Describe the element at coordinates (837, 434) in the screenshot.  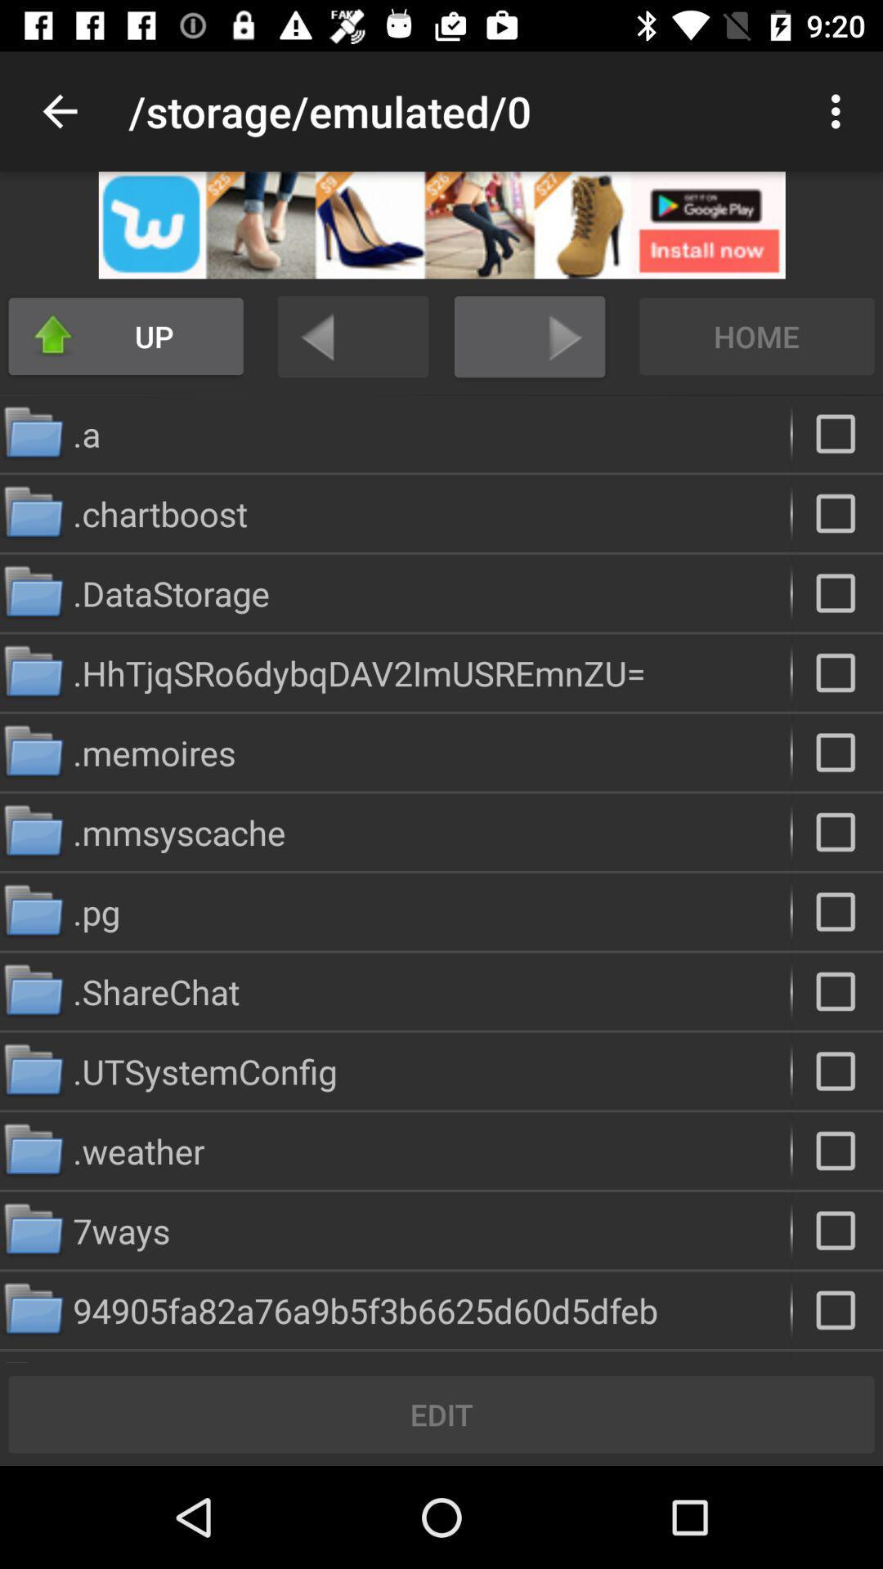
I see `folder selected` at that location.